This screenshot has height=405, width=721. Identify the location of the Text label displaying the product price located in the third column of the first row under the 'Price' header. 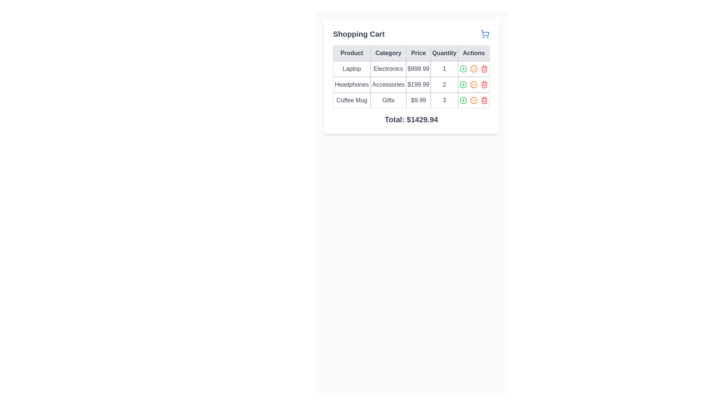
(418, 69).